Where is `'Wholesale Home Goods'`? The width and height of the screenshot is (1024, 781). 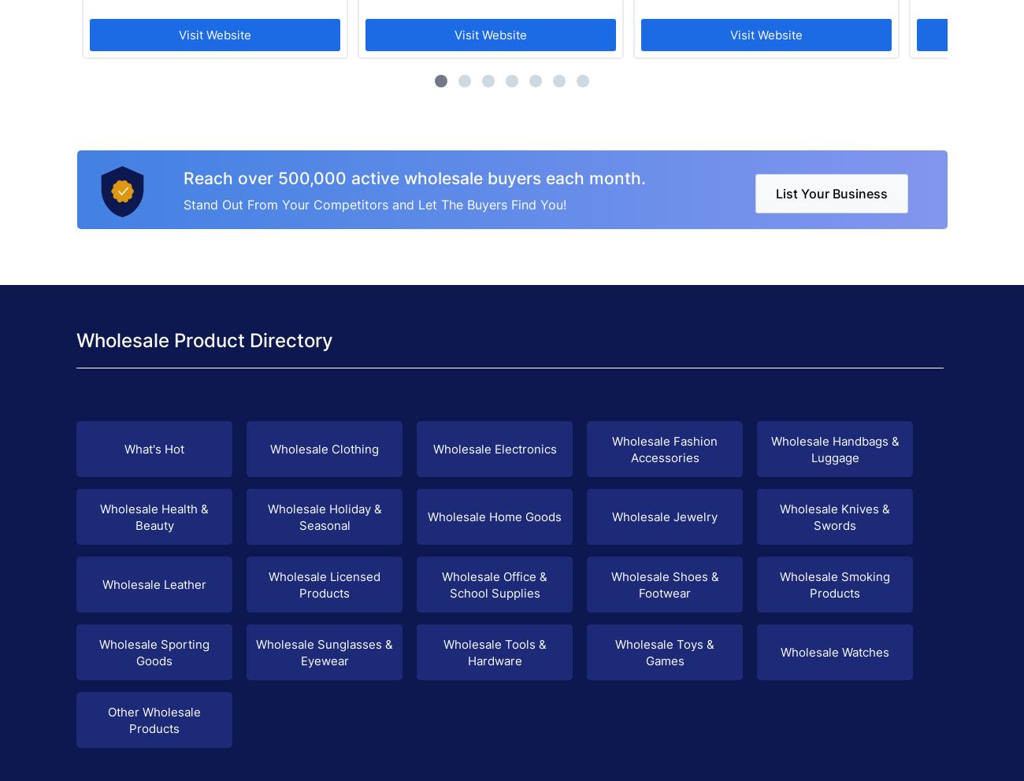 'Wholesale Home Goods' is located at coordinates (495, 516).